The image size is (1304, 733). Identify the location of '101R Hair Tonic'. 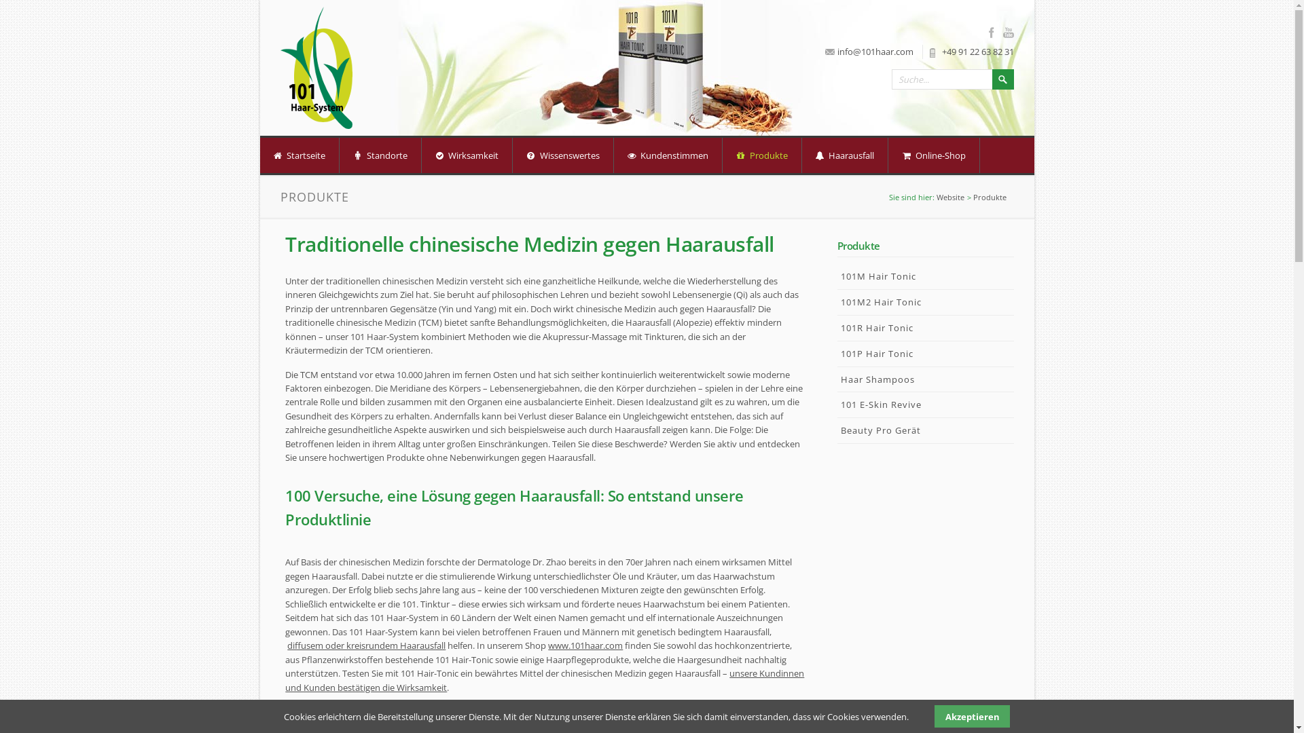
(836, 328).